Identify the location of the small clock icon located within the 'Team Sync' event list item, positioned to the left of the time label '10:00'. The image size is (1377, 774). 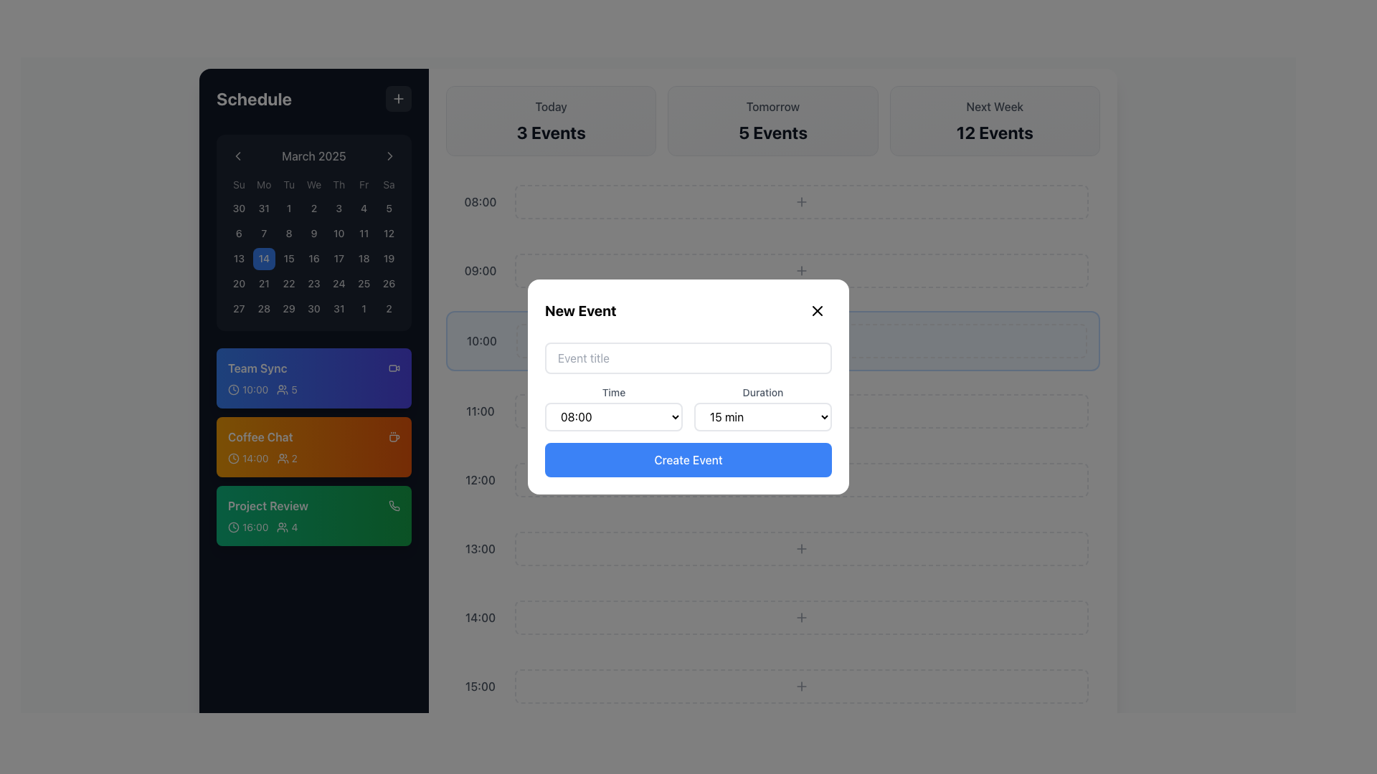
(234, 389).